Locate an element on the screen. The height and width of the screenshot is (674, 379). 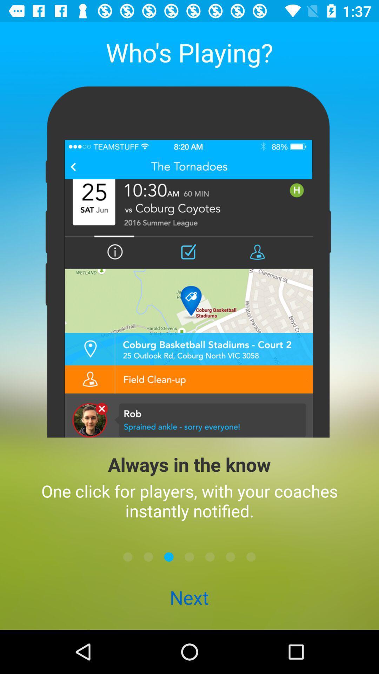
item below one click for icon is located at coordinates (169, 556).